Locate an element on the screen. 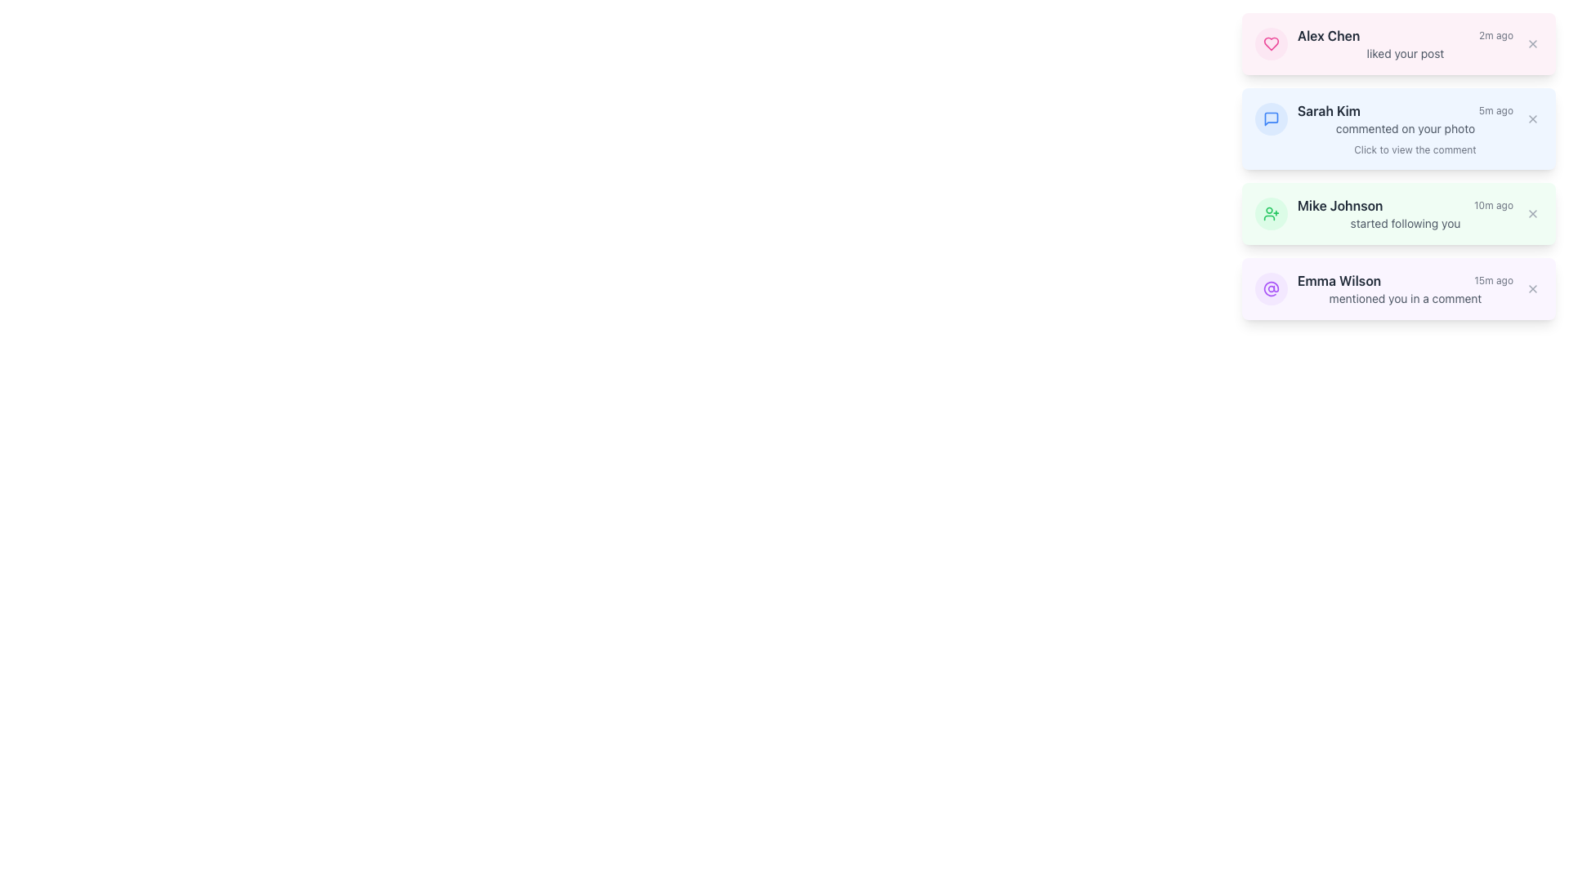 Image resolution: width=1569 pixels, height=882 pixels. the SVG icon resembling a speech bubble used for comments or messages in Sarah Kim's notification section is located at coordinates (1270, 118).